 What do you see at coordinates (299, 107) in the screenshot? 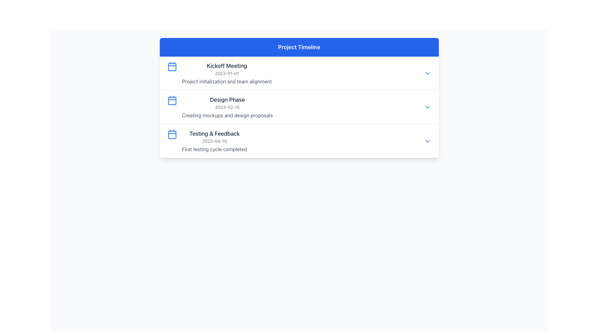
I see `the dropdown element located to the right of the 'Design Phase' timeline entry` at bounding box center [299, 107].